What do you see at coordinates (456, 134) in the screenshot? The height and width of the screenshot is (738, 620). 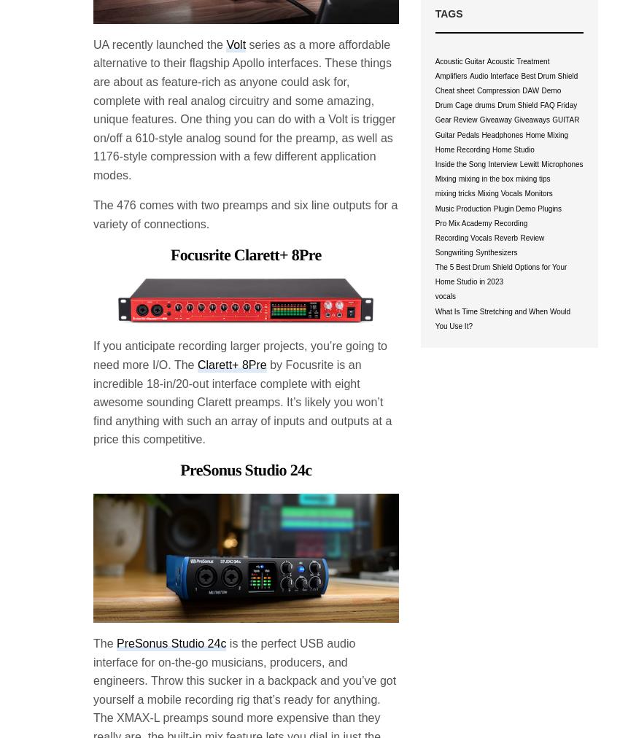 I see `'Guitar Pedals'` at bounding box center [456, 134].